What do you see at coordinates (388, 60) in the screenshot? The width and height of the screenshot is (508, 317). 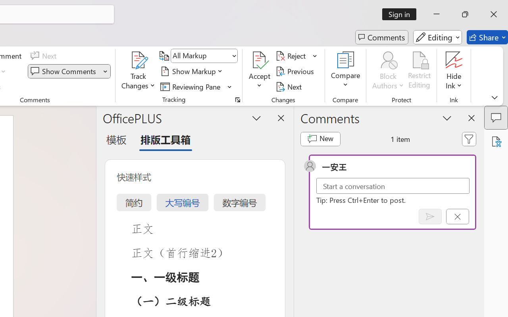 I see `'Block Authors'` at bounding box center [388, 60].